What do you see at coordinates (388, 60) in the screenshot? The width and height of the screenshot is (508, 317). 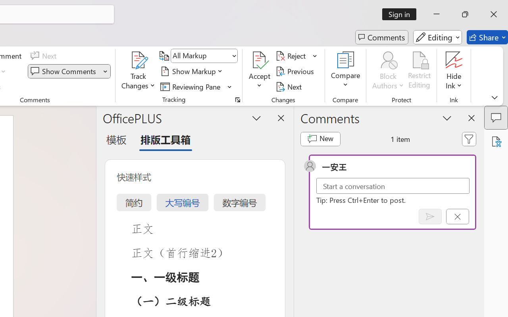 I see `'Block Authors'` at bounding box center [388, 60].